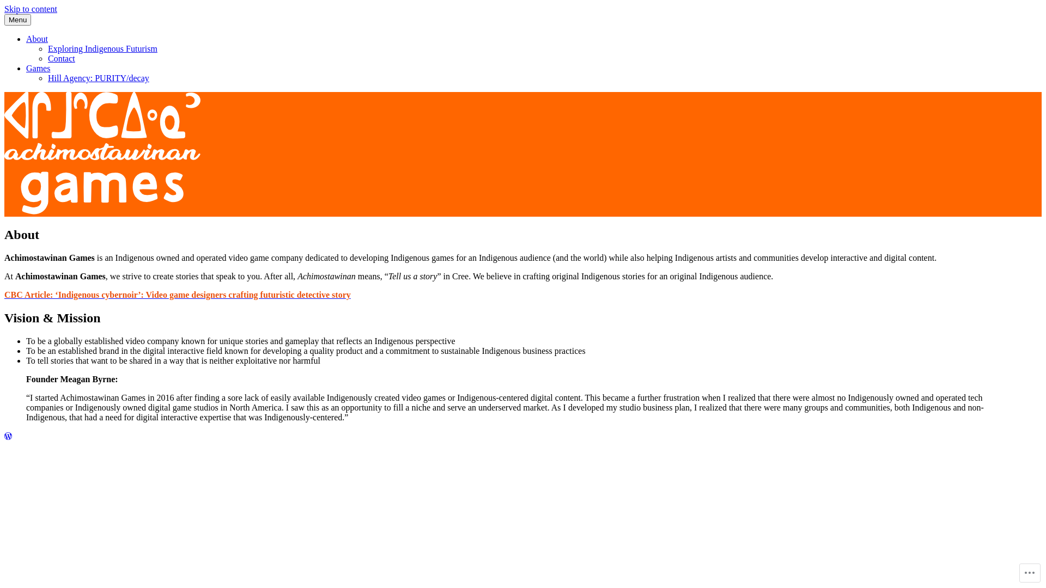  What do you see at coordinates (8, 436) in the screenshot?
I see `'Create a website or blog at WordPress.com'` at bounding box center [8, 436].